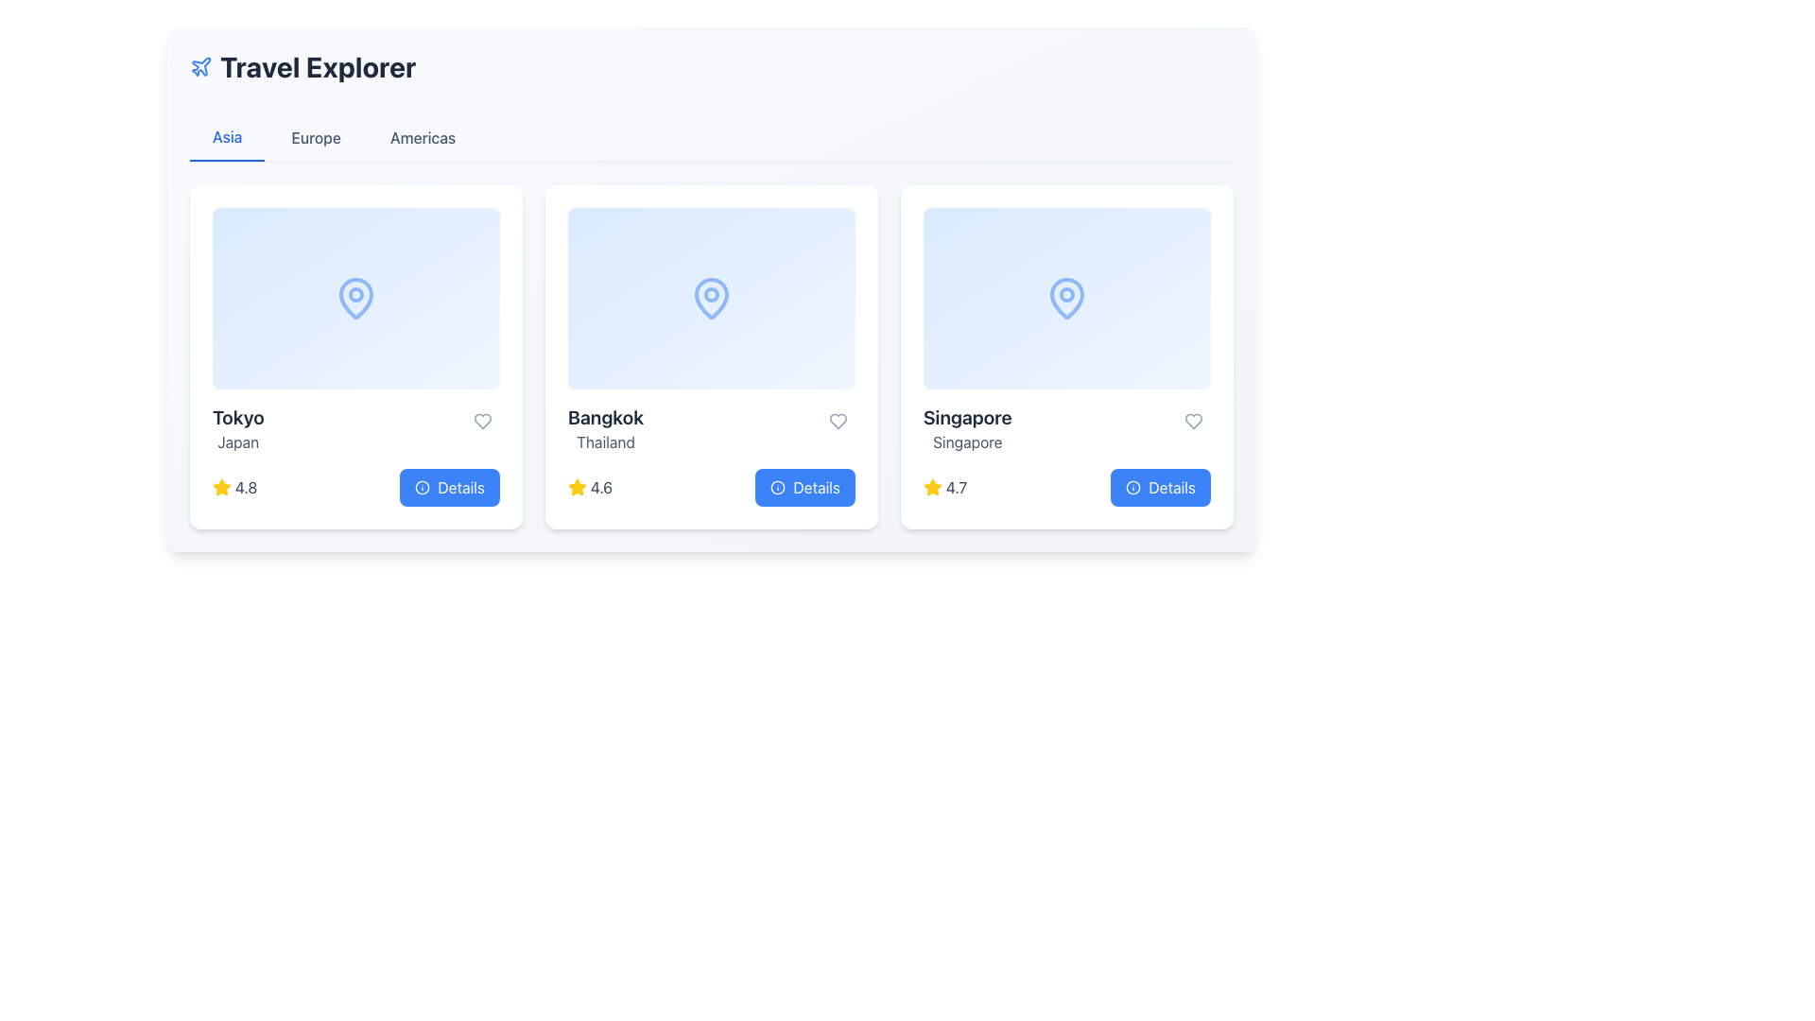 Image resolution: width=1815 pixels, height=1021 pixels. Describe the element at coordinates (711, 298) in the screenshot. I see `the decorative location pin icon representing 'Bangkok', Thailand, located in the upper center of the card` at that location.